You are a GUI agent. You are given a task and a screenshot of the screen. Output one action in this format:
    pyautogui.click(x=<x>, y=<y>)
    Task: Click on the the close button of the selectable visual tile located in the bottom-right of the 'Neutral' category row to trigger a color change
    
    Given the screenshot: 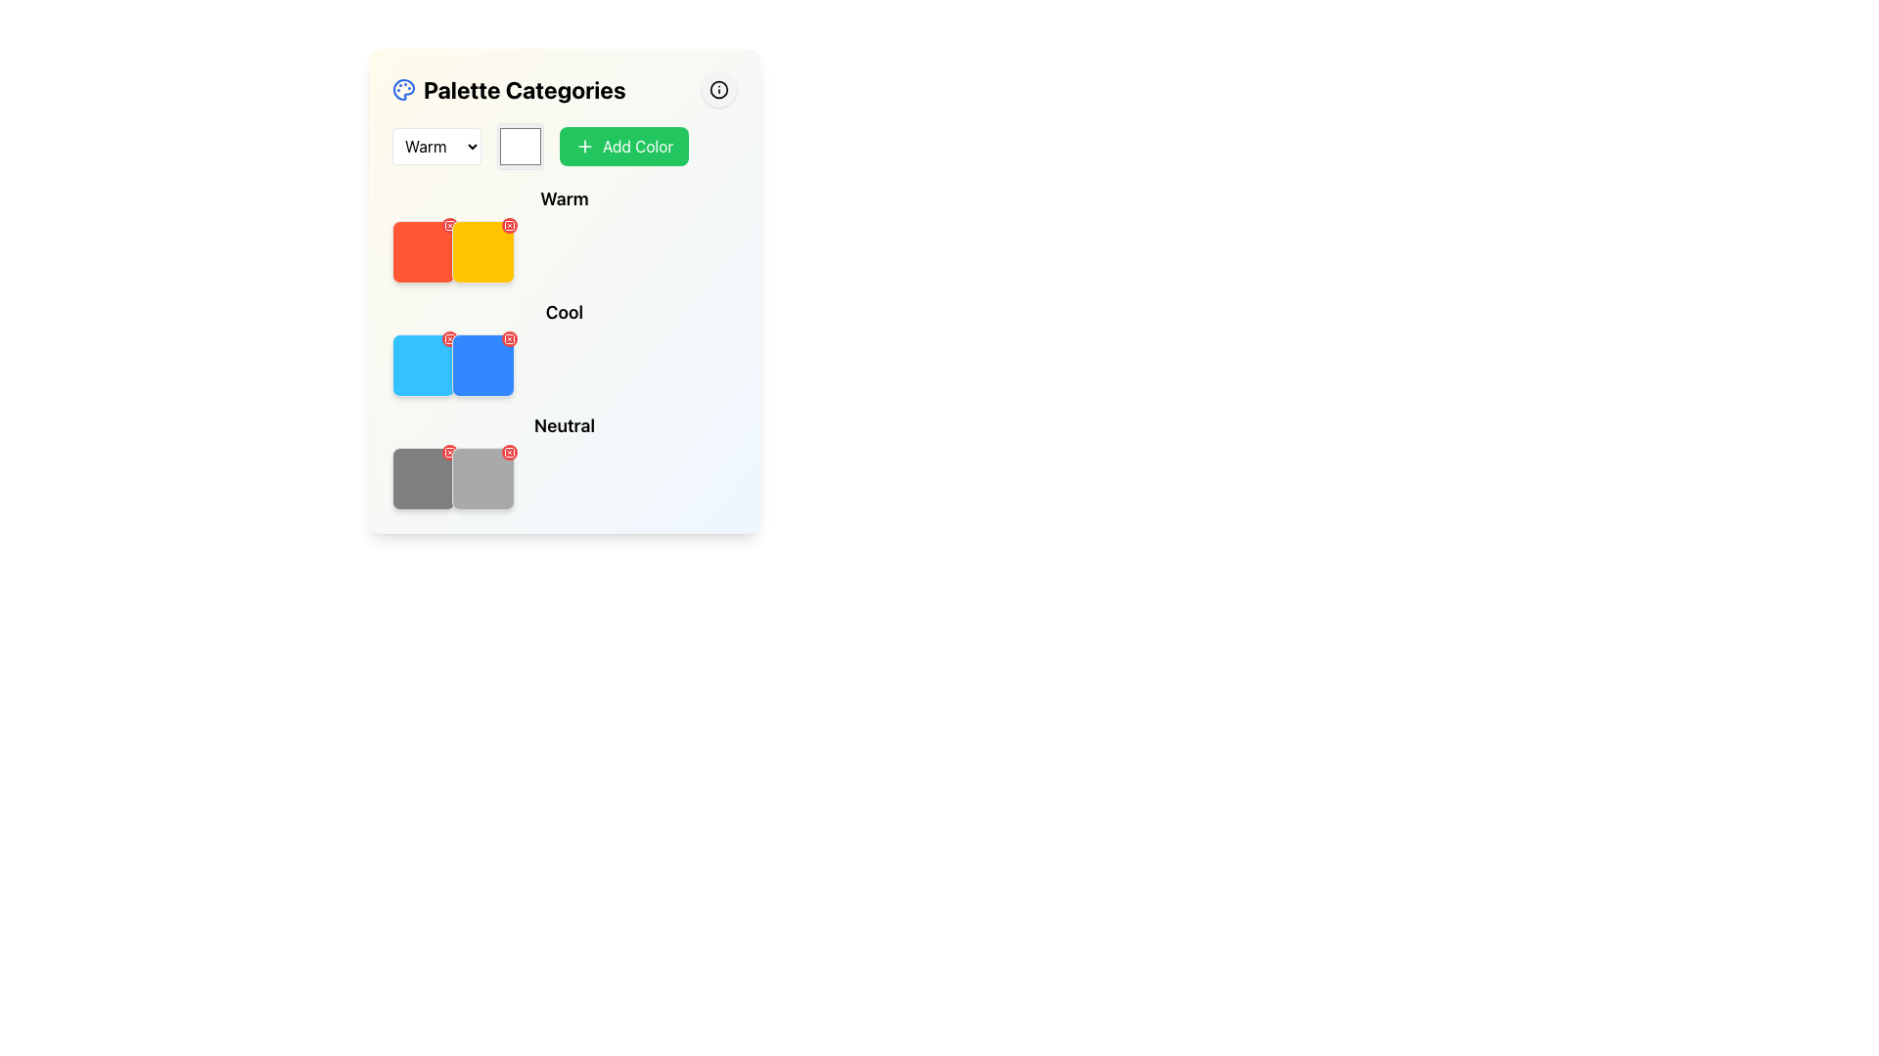 What is the action you would take?
    pyautogui.click(x=483, y=478)
    